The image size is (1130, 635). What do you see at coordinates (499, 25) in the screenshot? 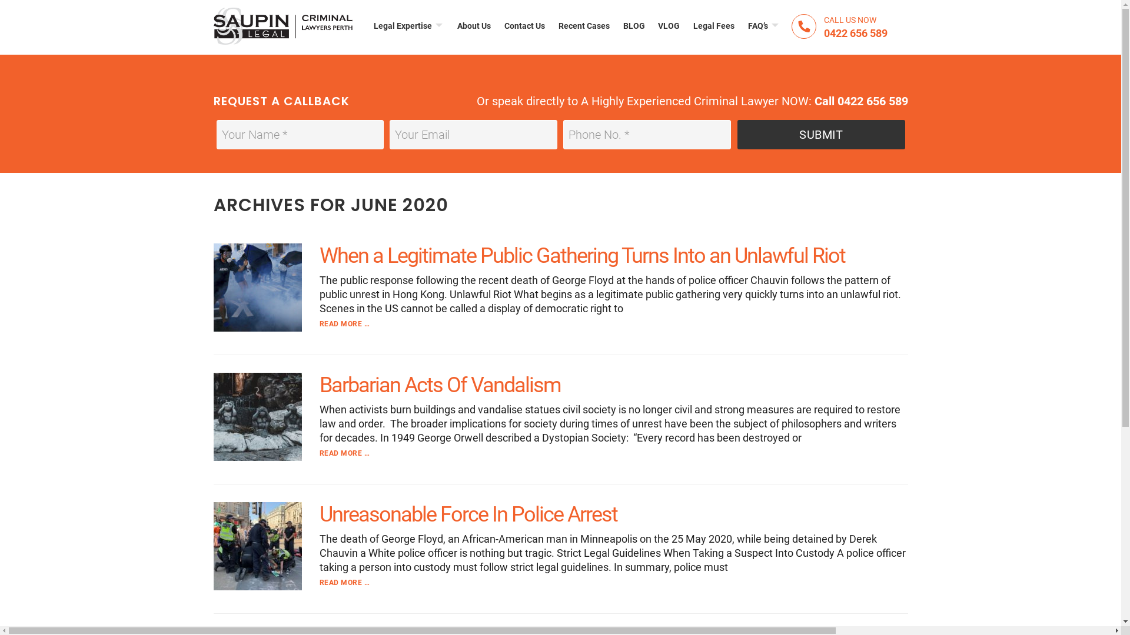
I see `'Contact Us'` at bounding box center [499, 25].